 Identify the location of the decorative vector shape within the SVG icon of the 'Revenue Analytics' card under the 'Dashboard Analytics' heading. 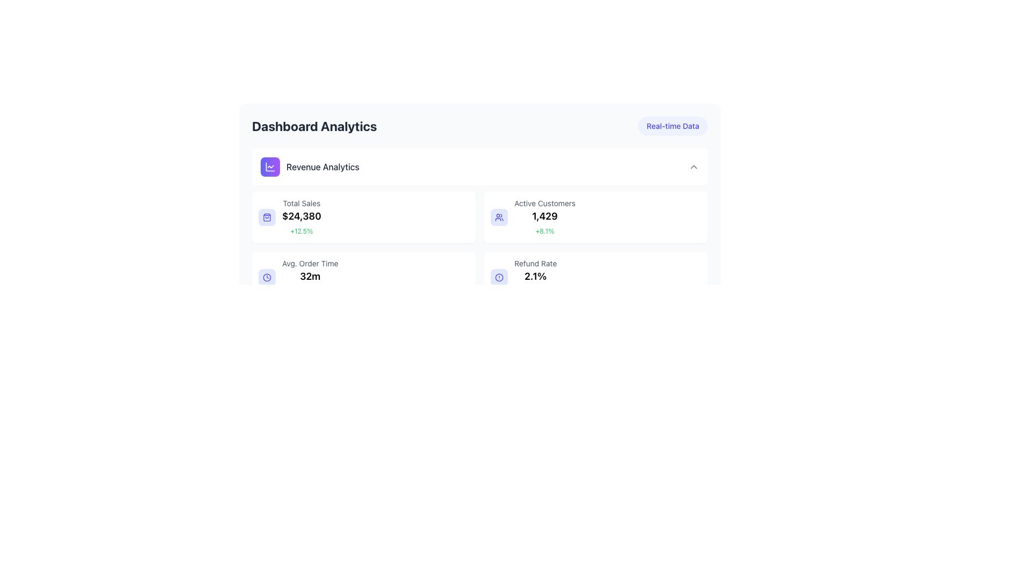
(270, 167).